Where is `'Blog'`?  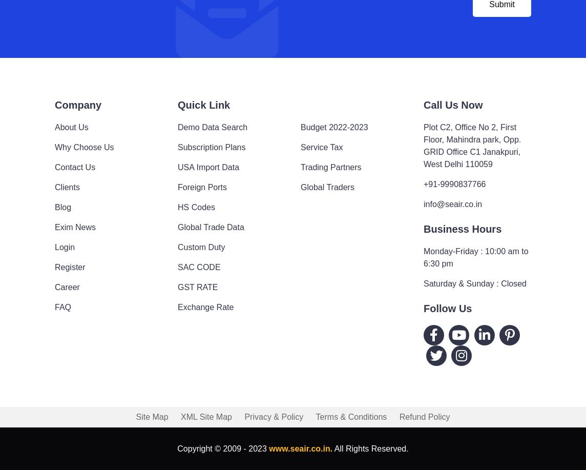 'Blog' is located at coordinates (62, 207).